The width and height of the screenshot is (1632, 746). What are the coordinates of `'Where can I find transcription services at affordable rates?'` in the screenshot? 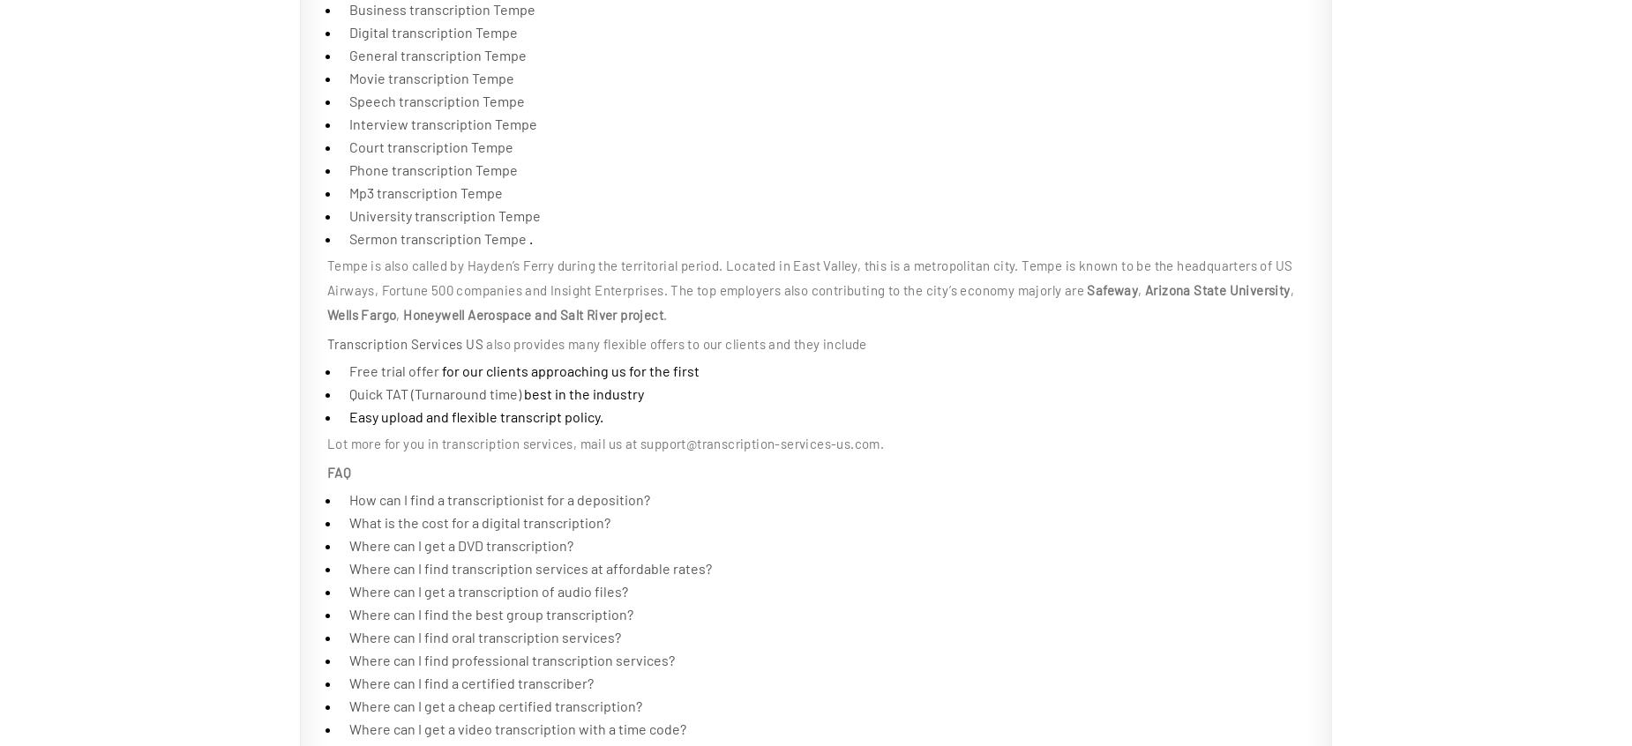 It's located at (530, 568).